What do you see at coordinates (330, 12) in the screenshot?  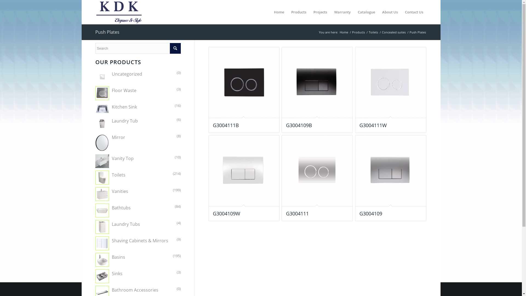 I see `'Warranty'` at bounding box center [330, 12].